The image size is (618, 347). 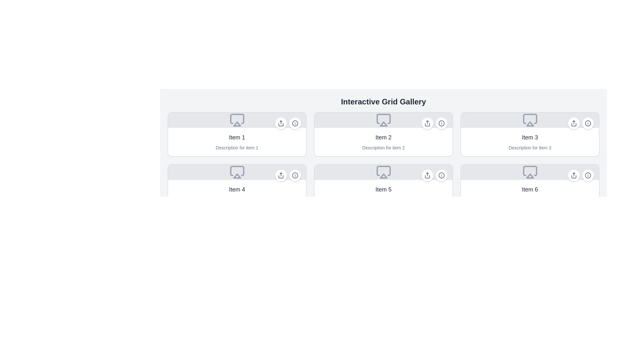 I want to click on the transparent interactive overlay covering the tile of 'Item 8', which is the fifth item in the grid of the interactive gallery, so click(x=383, y=238).